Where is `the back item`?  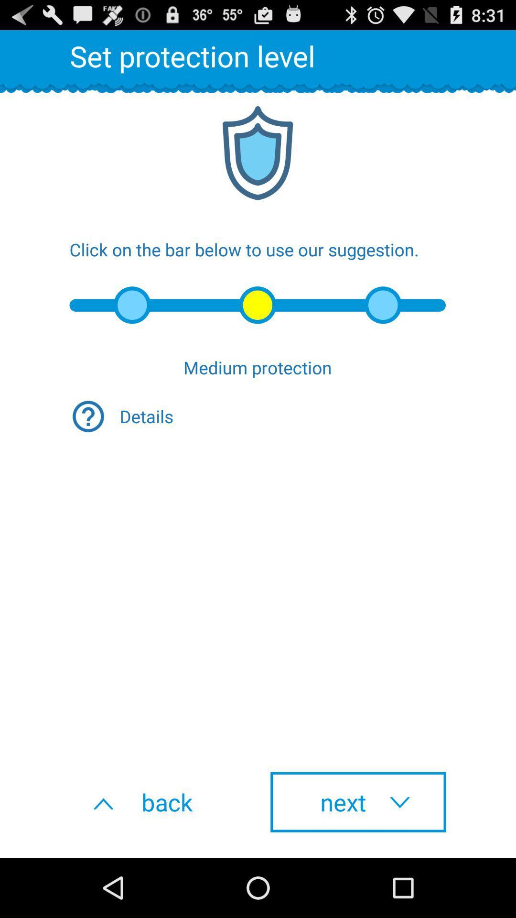 the back item is located at coordinates (157, 802).